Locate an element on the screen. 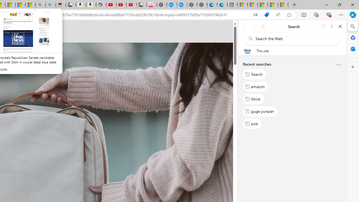  'poe' is located at coordinates (252, 123).